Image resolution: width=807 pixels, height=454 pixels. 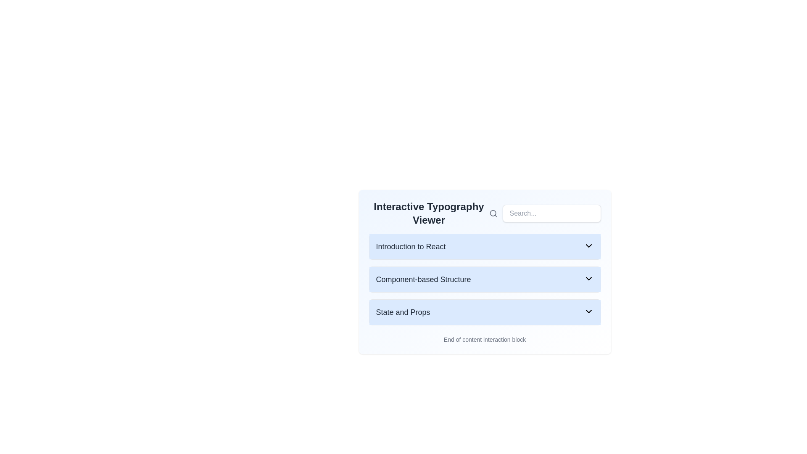 What do you see at coordinates (485, 339) in the screenshot?
I see `the static text label located at the bottom section of the vertical layout, which serves as an informational label indicating the conclusion of the interaction block` at bounding box center [485, 339].